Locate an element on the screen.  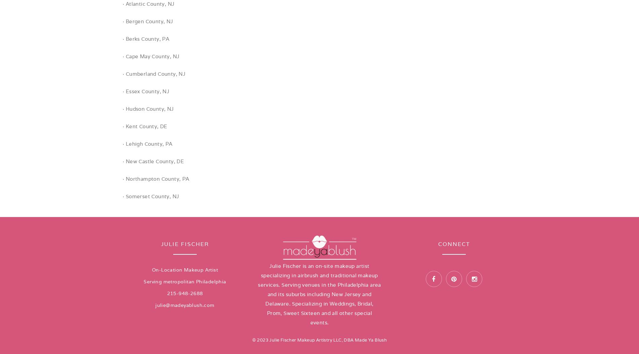
'· Cumberland County, NJ' is located at coordinates (154, 74).